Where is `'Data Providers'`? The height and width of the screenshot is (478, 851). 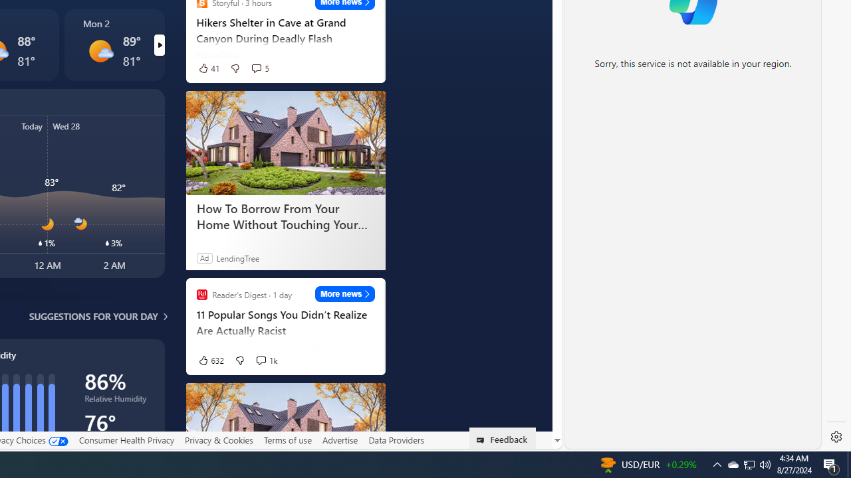 'Data Providers' is located at coordinates (395, 439).